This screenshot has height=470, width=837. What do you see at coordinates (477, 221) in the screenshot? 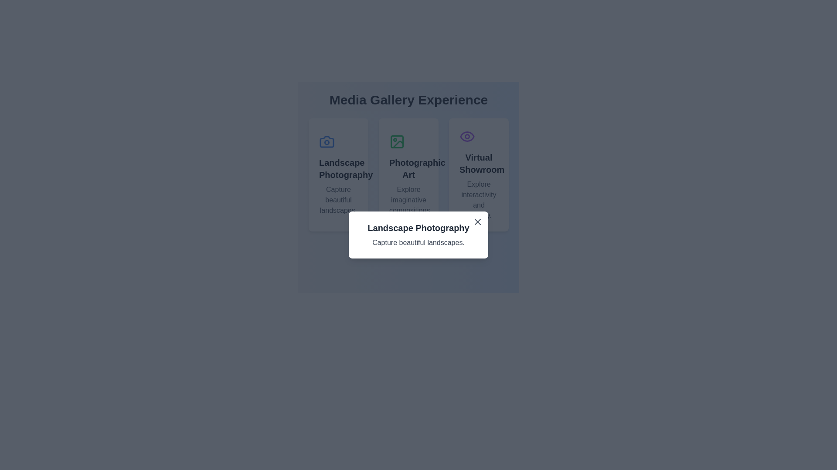
I see `the close button located` at bounding box center [477, 221].